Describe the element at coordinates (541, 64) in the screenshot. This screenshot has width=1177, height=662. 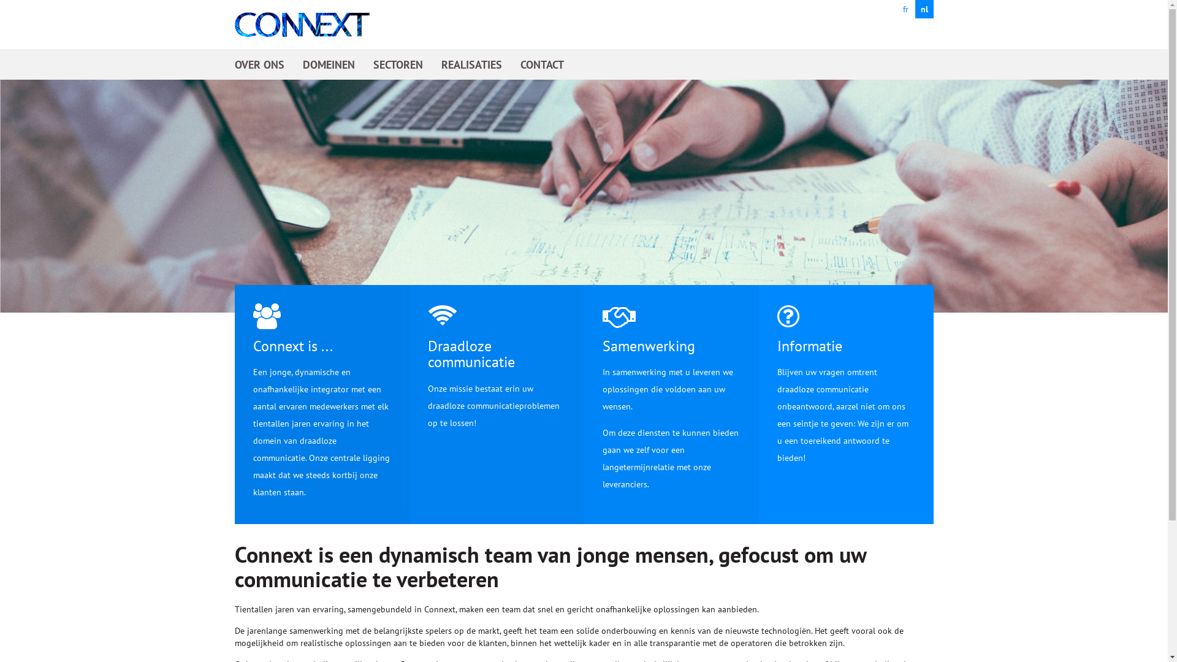
I see `'CONTACT'` at that location.